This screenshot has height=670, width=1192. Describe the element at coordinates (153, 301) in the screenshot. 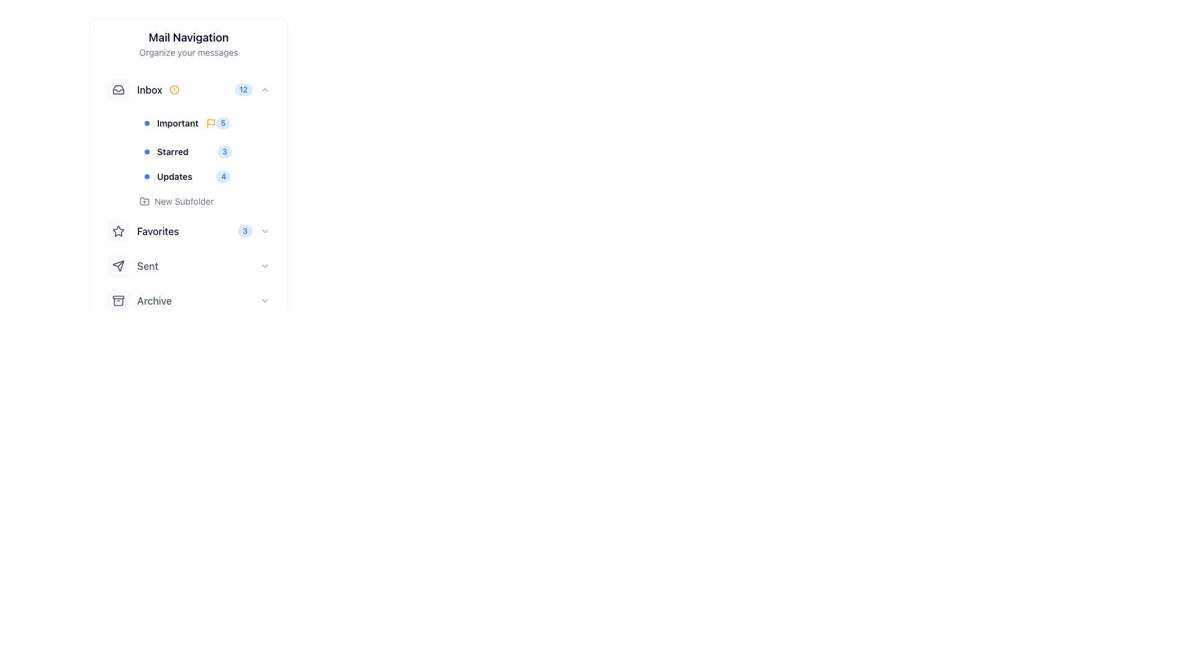

I see `label text of the 'Archive' navigation menu item, which is positioned as the textual label in the navigation menu` at that location.